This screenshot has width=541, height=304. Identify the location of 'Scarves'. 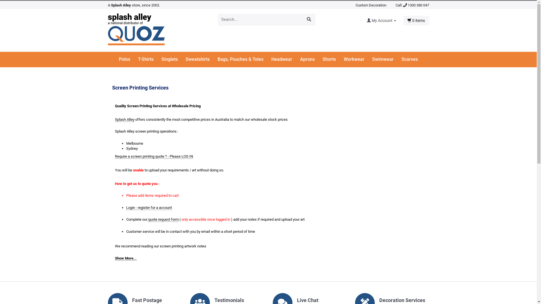
(410, 59).